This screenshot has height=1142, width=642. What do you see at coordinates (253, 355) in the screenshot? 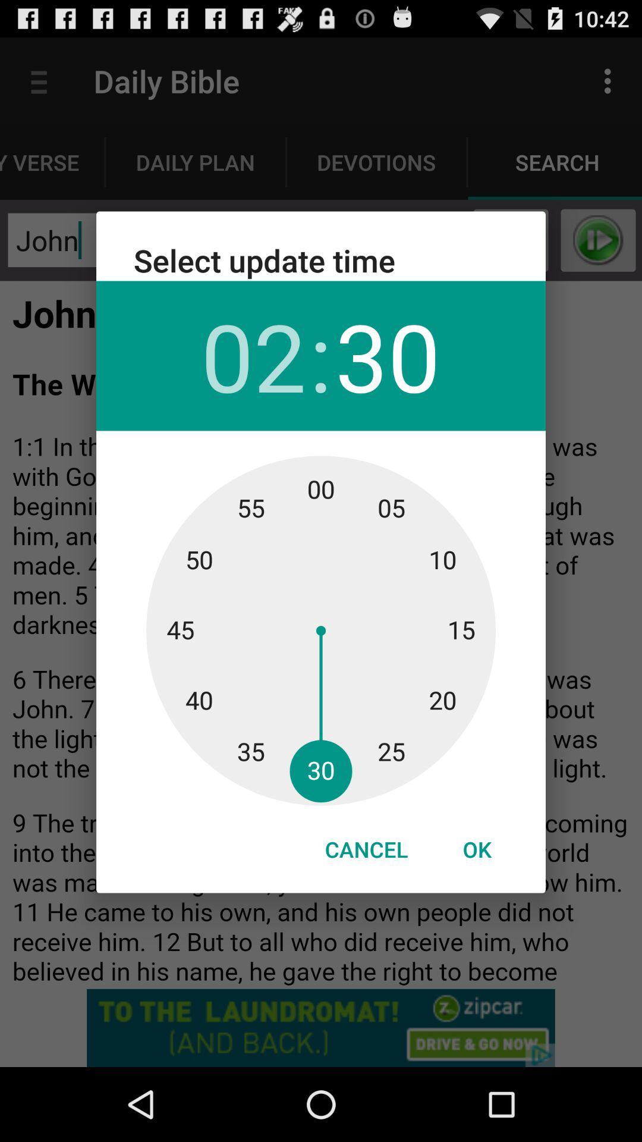
I see `the icon below the select update time icon` at bounding box center [253, 355].